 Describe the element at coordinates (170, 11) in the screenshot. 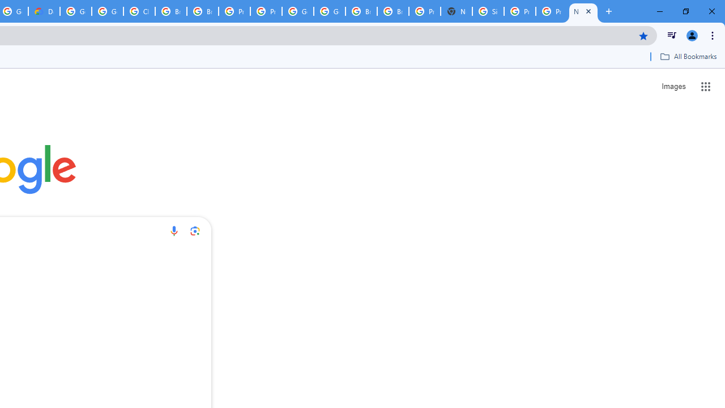

I see `'Browse Chrome as a guest - Computer - Google Chrome Help'` at that location.